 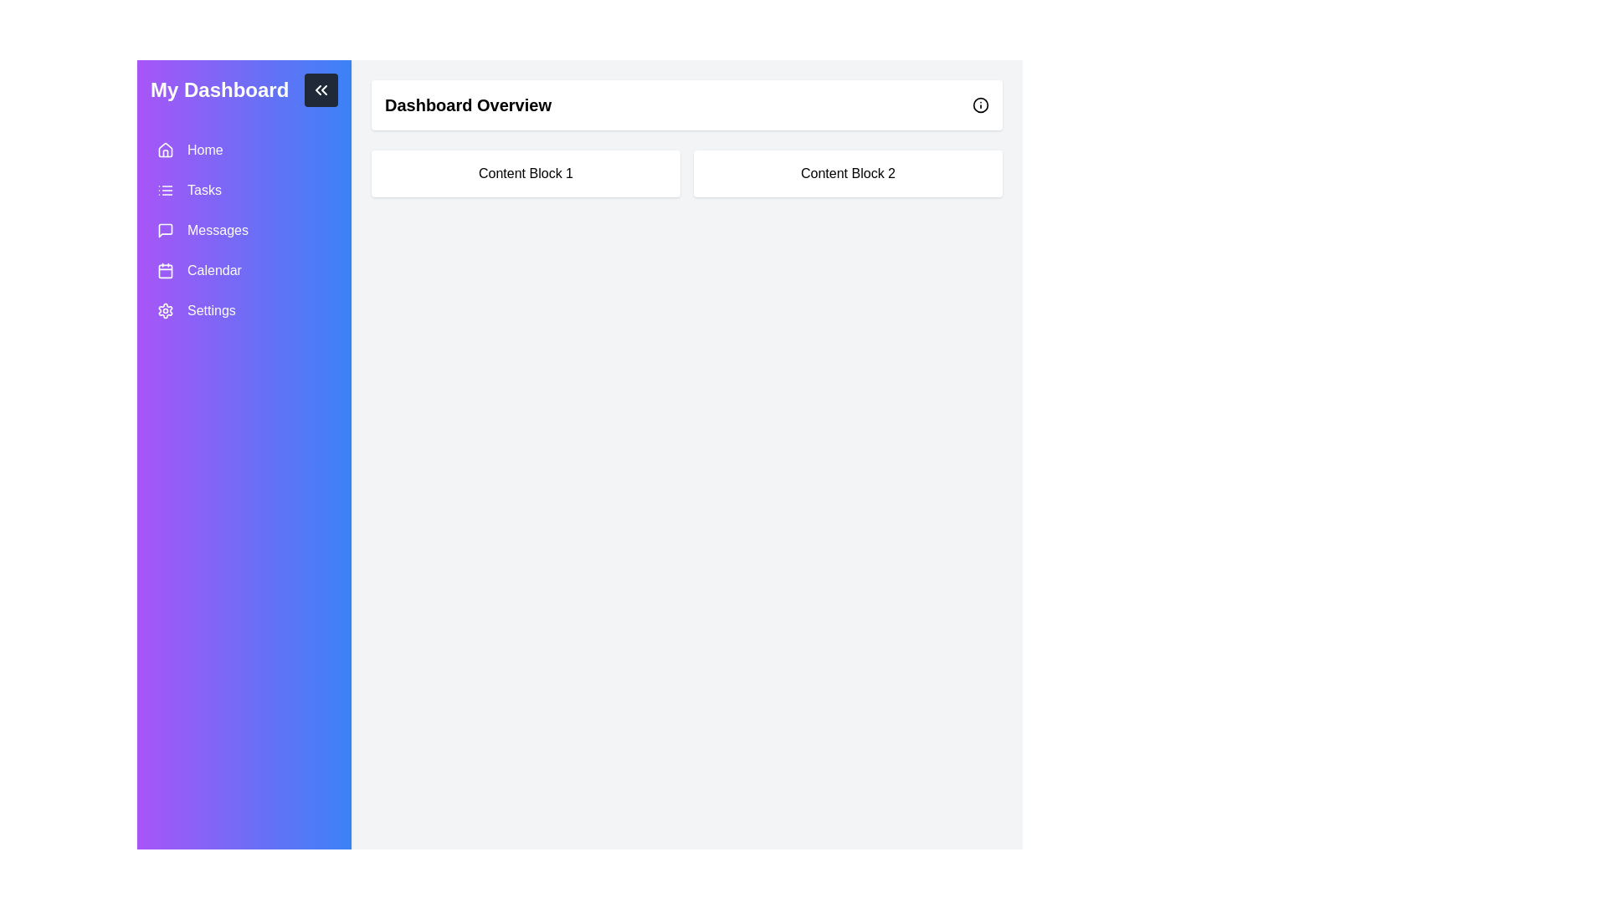 I want to click on the messaging icon located in the left vertical navigation menu, positioned between the 'Tasks' and 'Calendar' menu items, so click(x=165, y=231).